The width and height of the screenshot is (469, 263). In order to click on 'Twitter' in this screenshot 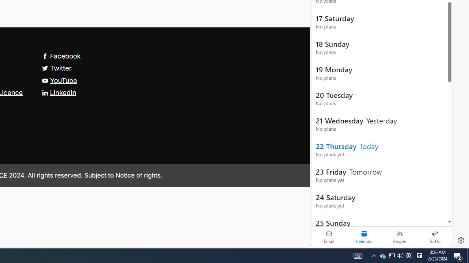, I will do `click(56, 68)`.